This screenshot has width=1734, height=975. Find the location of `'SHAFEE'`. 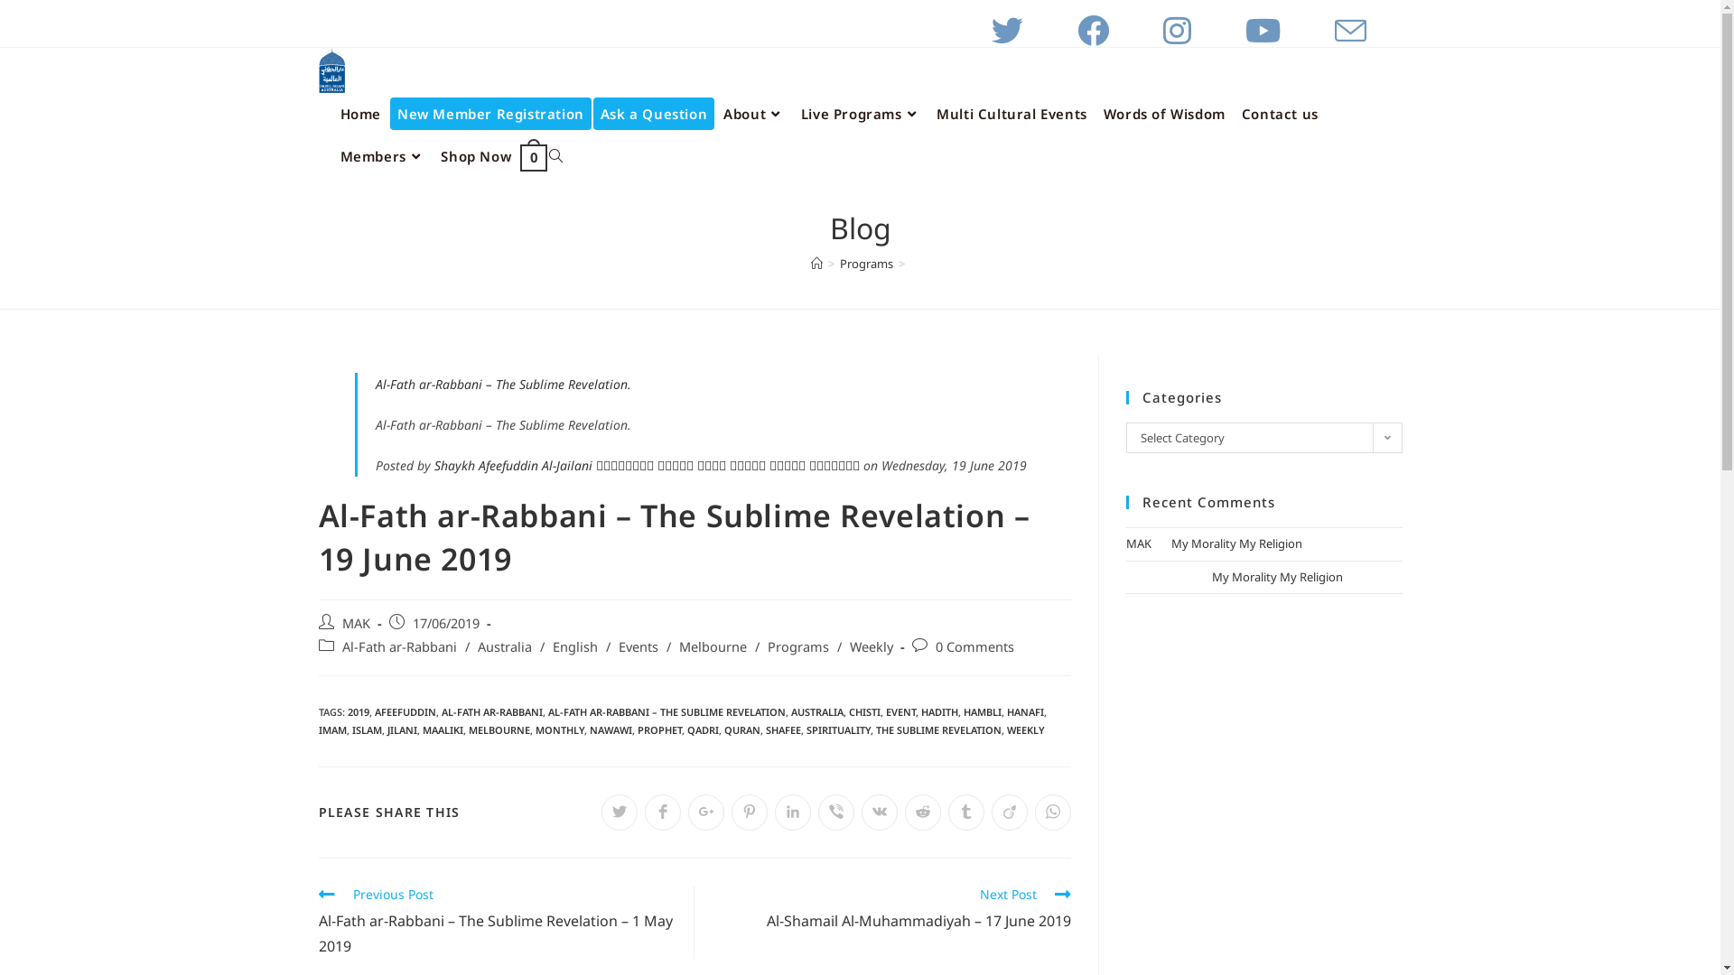

'SHAFEE' is located at coordinates (783, 729).